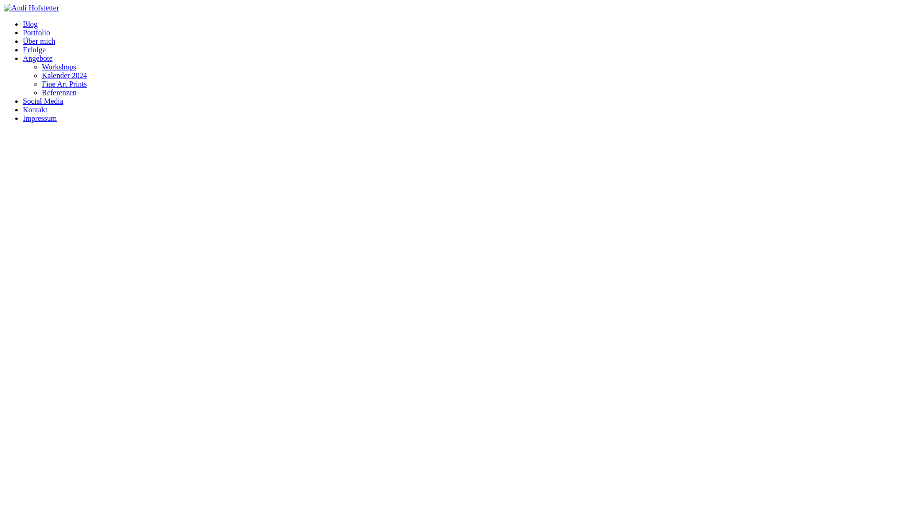 The width and height of the screenshot is (915, 514). What do you see at coordinates (23, 32) in the screenshot?
I see `'Portfolio'` at bounding box center [23, 32].